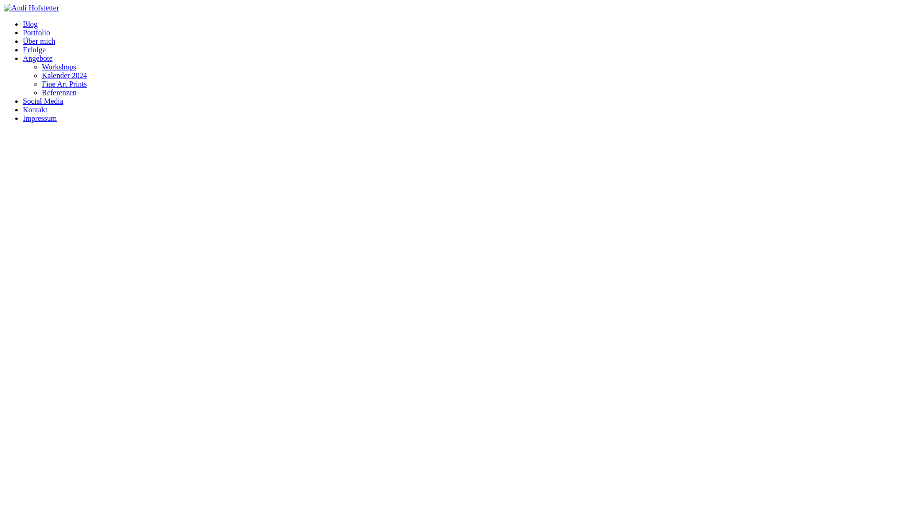 The width and height of the screenshot is (915, 514). What do you see at coordinates (23, 32) in the screenshot?
I see `'Portfolio'` at bounding box center [23, 32].